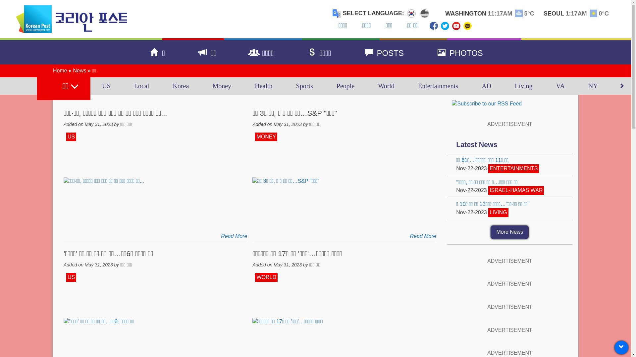 The width and height of the screenshot is (636, 357). I want to click on 'Find Us on Facebook', so click(428, 25).